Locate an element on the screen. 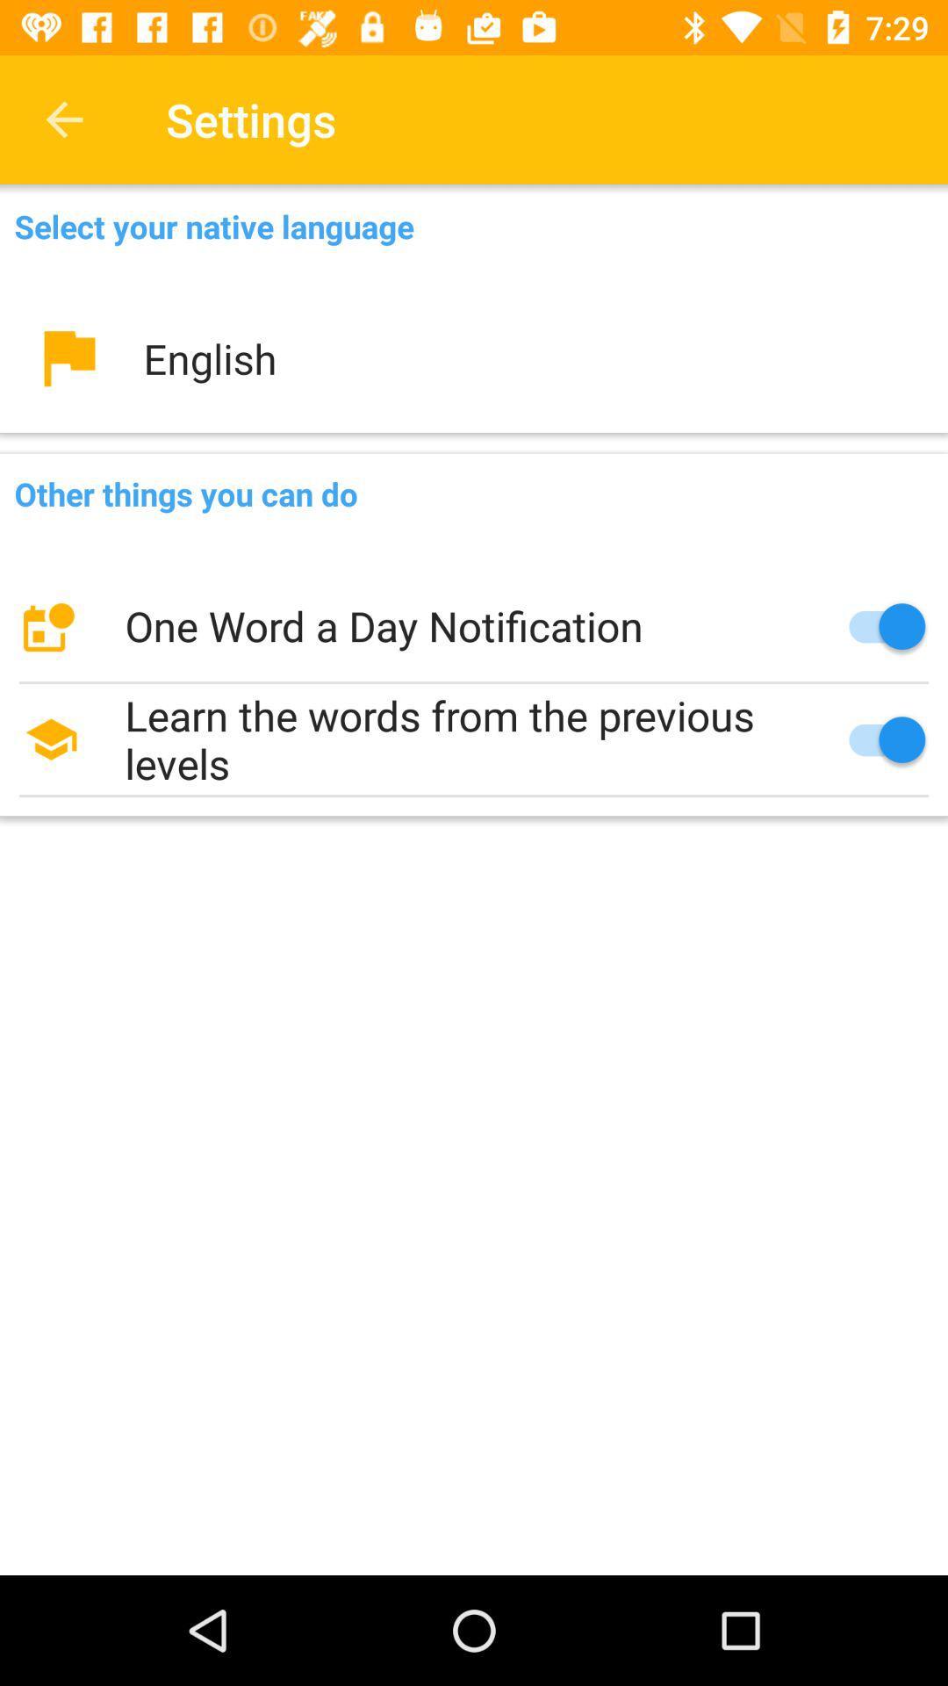  the icon next to settings icon is located at coordinates (63, 119).